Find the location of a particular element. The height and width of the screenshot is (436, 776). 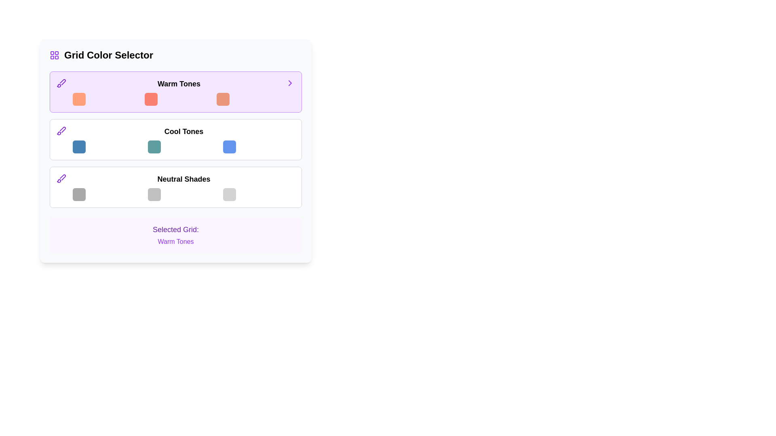

the informational label indicating the currently selected color grid, 'Warm Tones', which is located under the title 'Selected Grid:' in the 'Selected Grid' box is located at coordinates (175, 241).